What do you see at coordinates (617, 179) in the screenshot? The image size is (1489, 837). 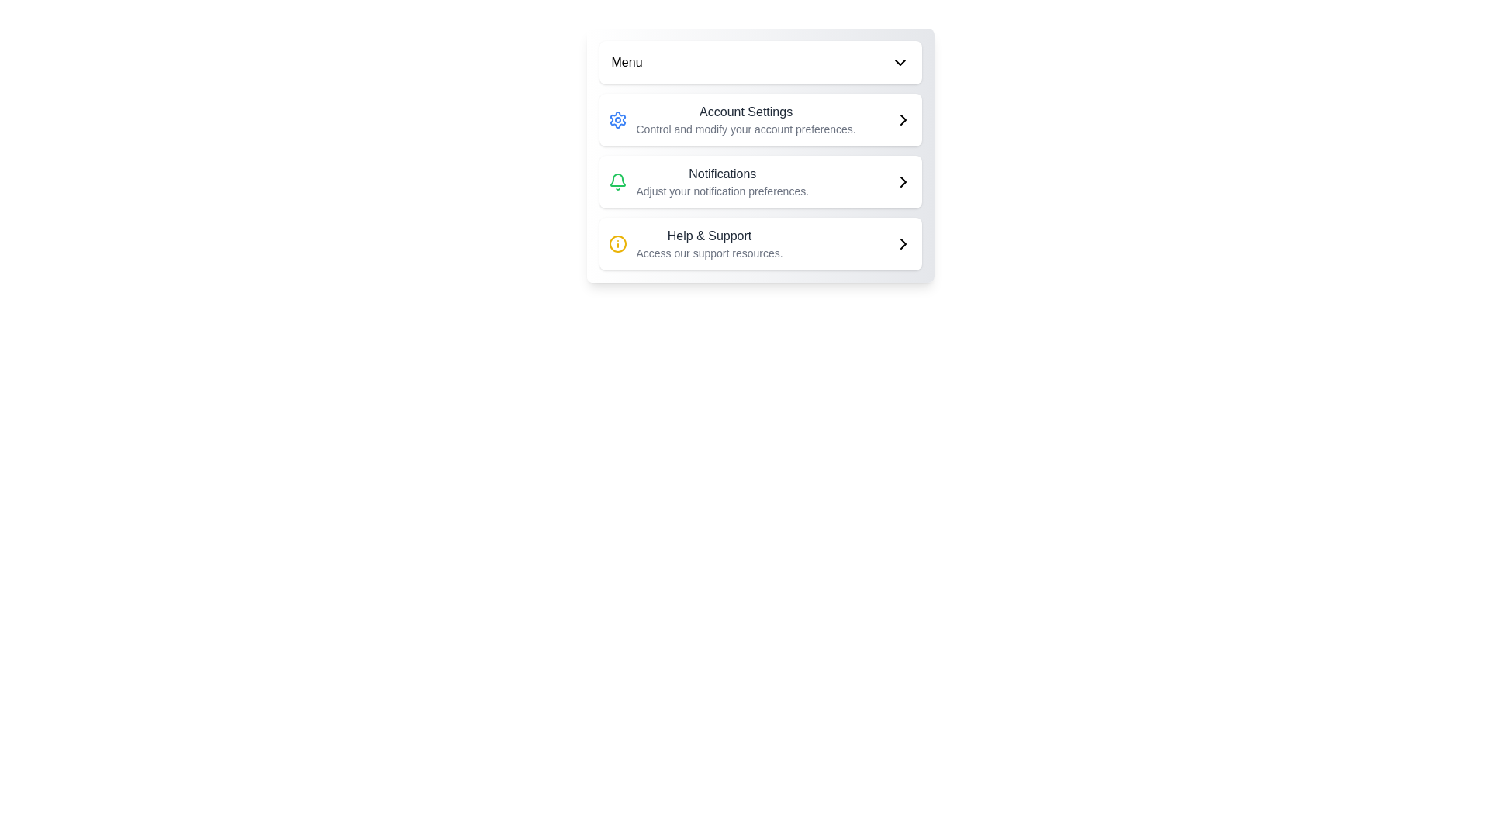 I see `the green outlined bell icon representing notifications, located in the second row of the menu, above Help & Support` at bounding box center [617, 179].